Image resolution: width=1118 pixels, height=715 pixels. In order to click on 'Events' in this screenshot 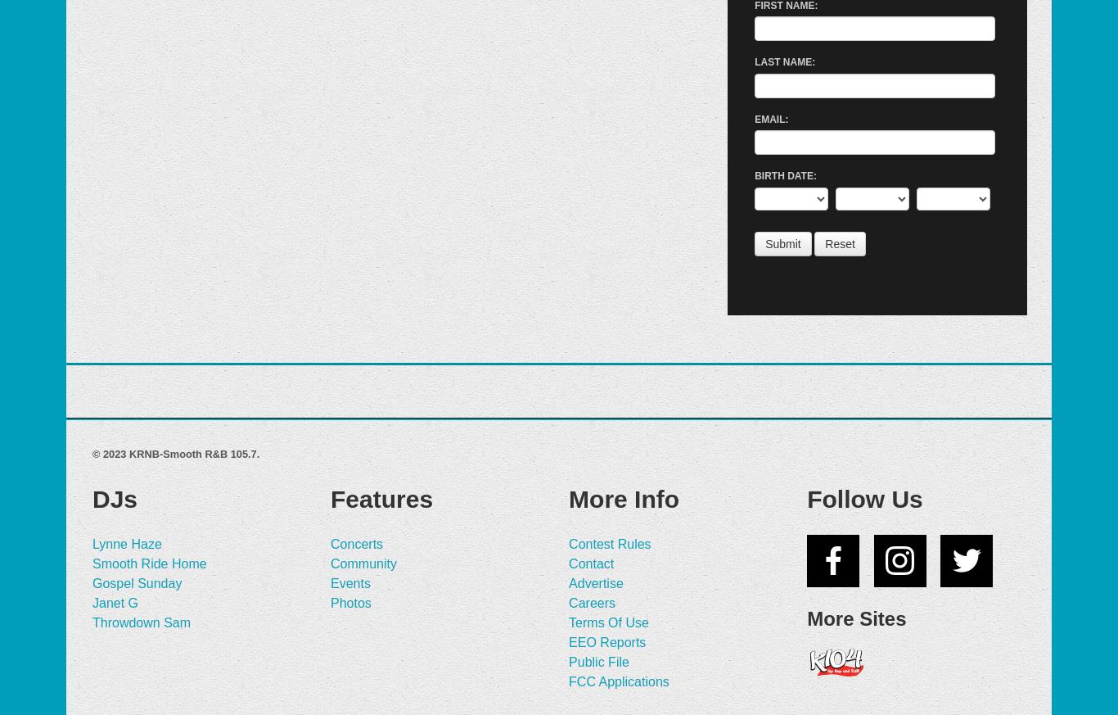, I will do `click(349, 582)`.